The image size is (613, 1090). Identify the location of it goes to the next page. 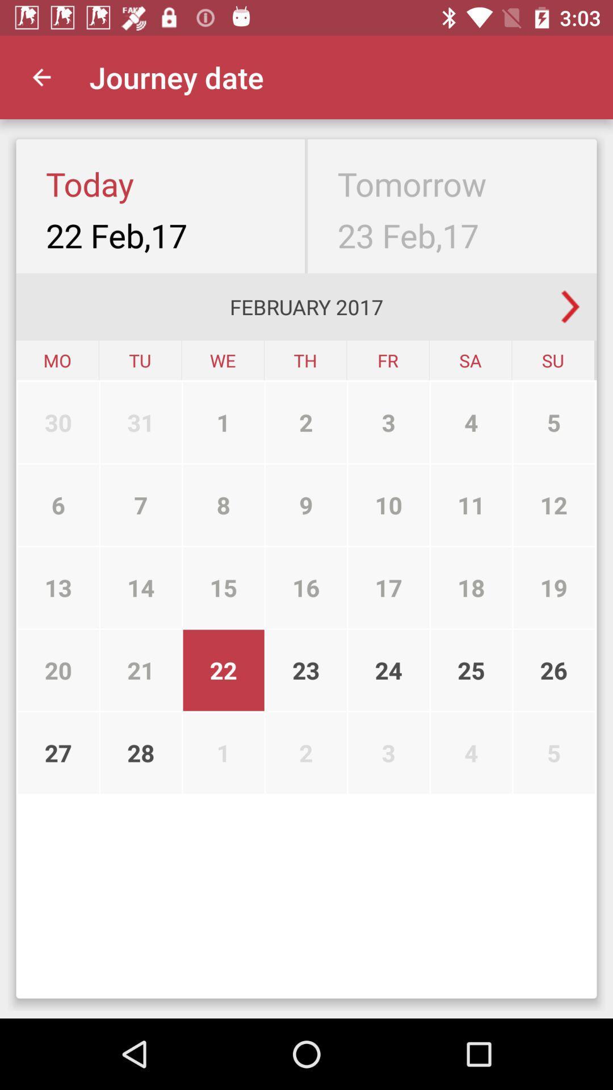
(570, 307).